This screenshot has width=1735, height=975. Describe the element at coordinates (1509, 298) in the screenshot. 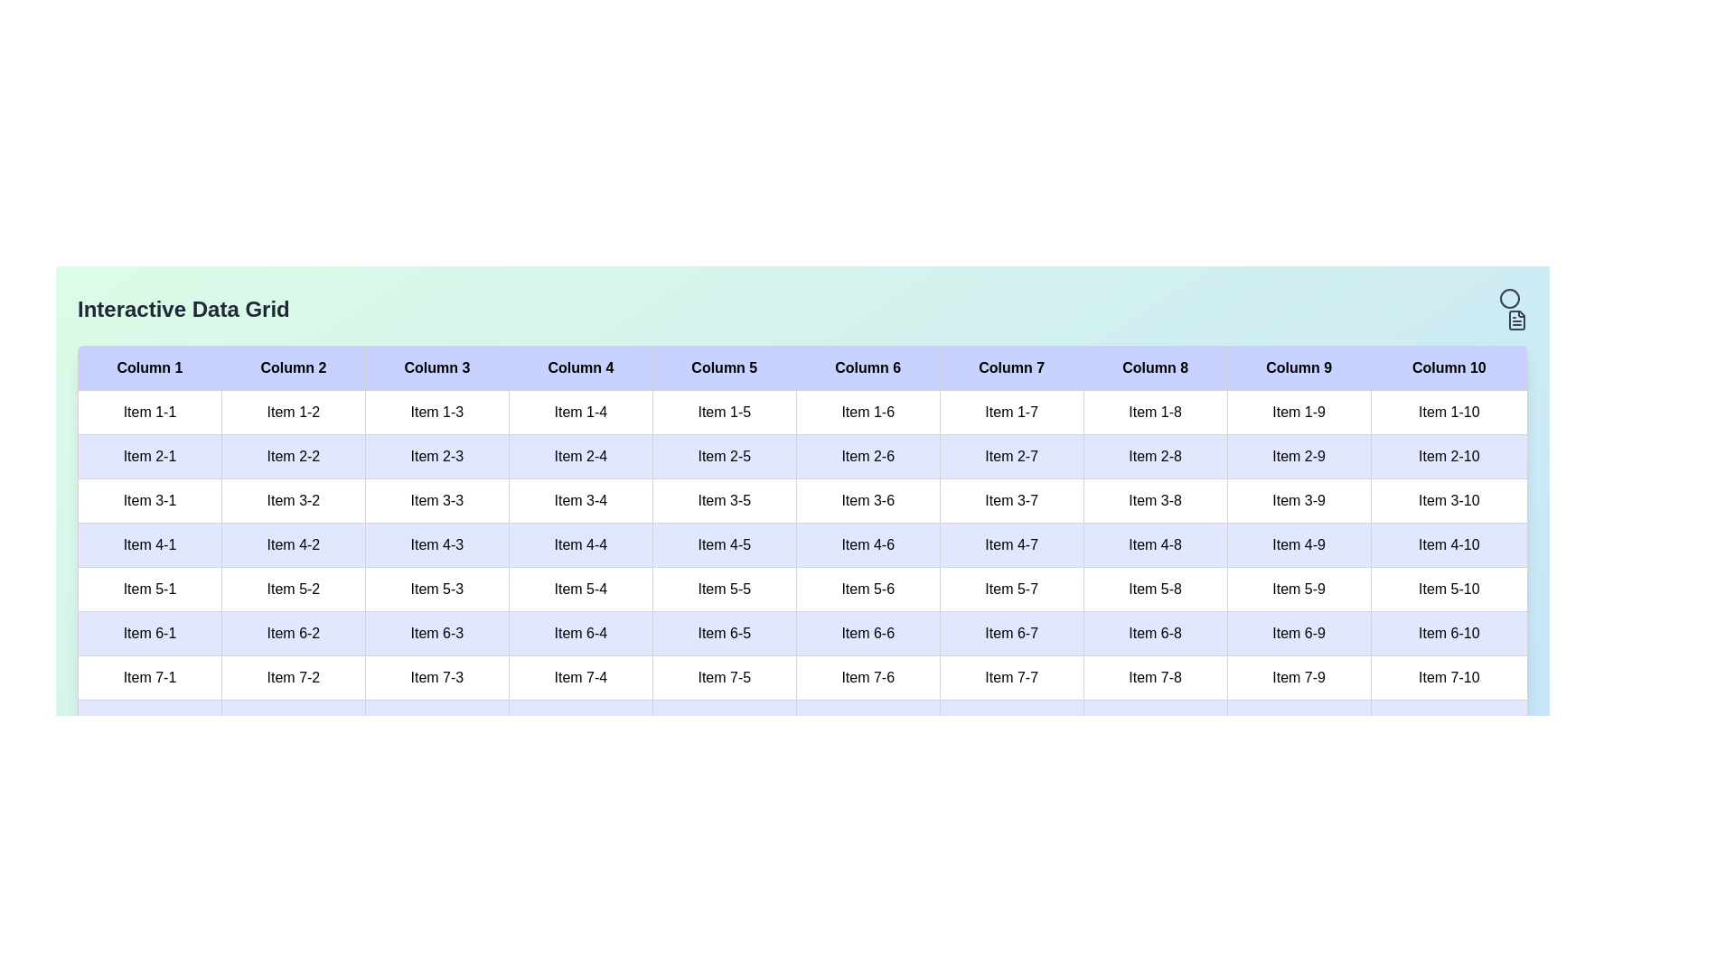

I see `the circle header icon` at that location.